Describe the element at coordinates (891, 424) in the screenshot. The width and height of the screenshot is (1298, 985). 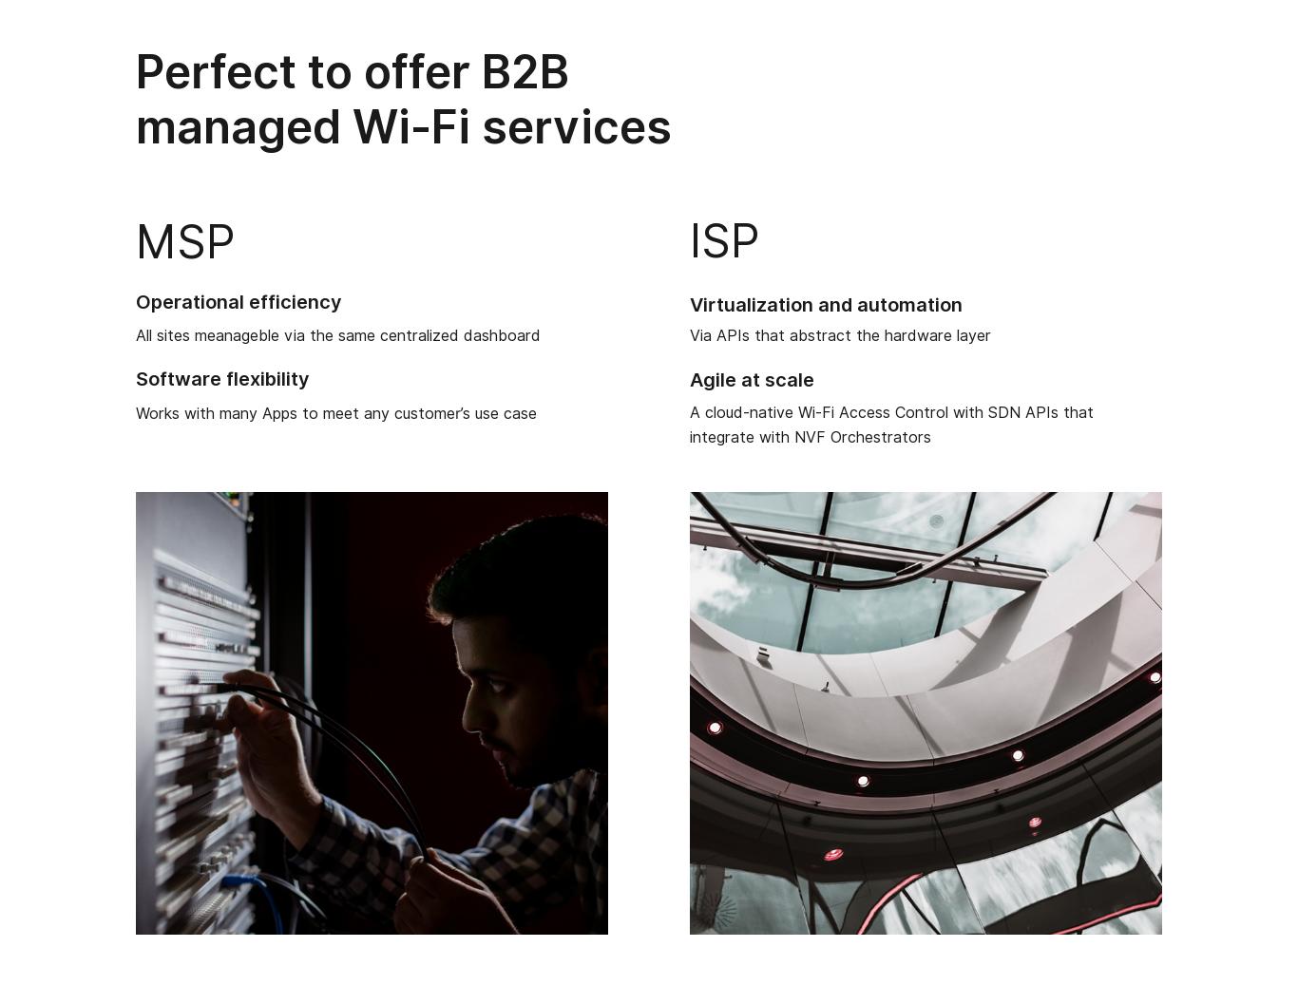
I see `'A cloud-native Wi-Fi Access Control with SDN APIs that integrate with NVF Orchestrators'` at that location.